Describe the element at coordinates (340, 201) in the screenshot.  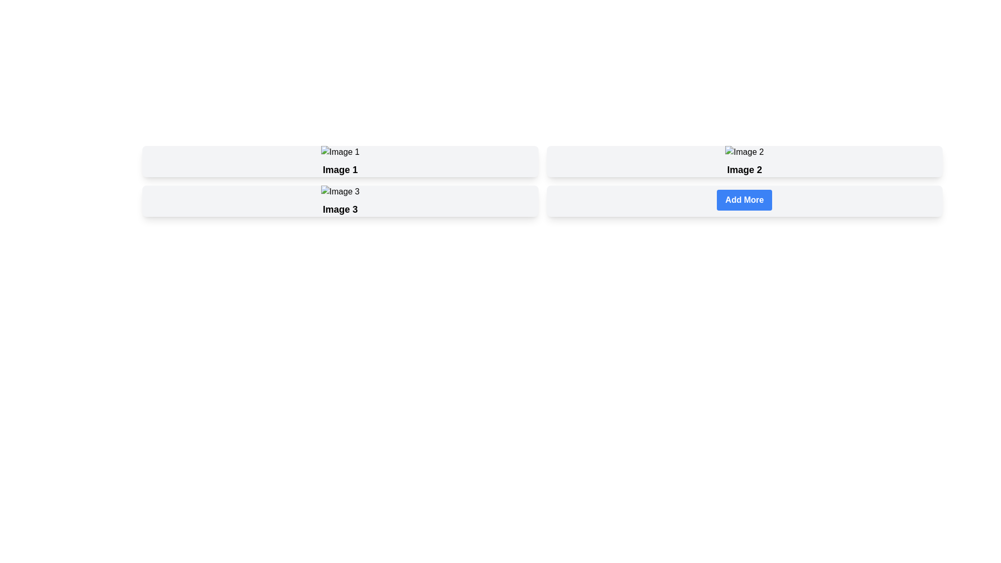
I see `the third card in the grid layout, which has a light gray background and a label reading 'Image 3'` at that location.